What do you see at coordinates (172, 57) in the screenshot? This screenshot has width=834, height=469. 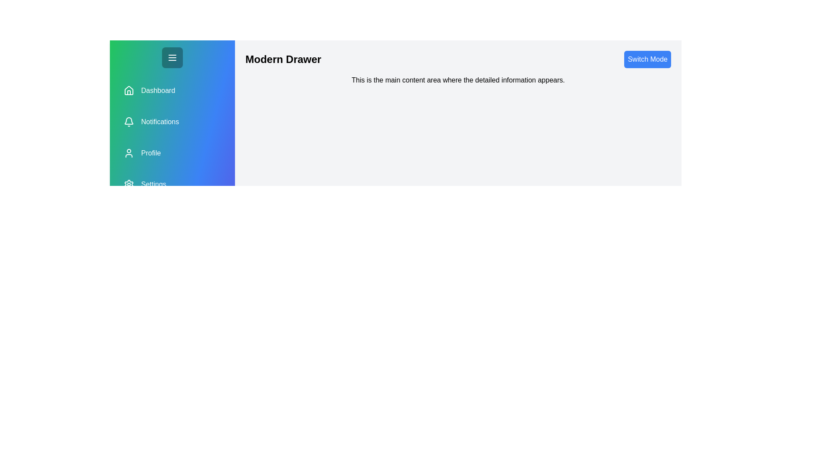 I see `menu button to toggle the drawer open or closed` at bounding box center [172, 57].